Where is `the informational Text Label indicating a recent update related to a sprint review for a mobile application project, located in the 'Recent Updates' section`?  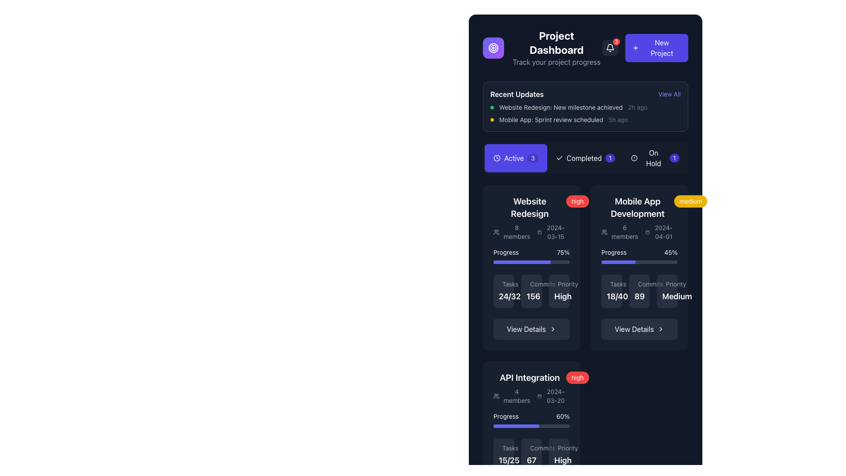
the informational Text Label indicating a recent update related to a sprint review for a mobile application project, located in the 'Recent Updates' section is located at coordinates (551, 120).